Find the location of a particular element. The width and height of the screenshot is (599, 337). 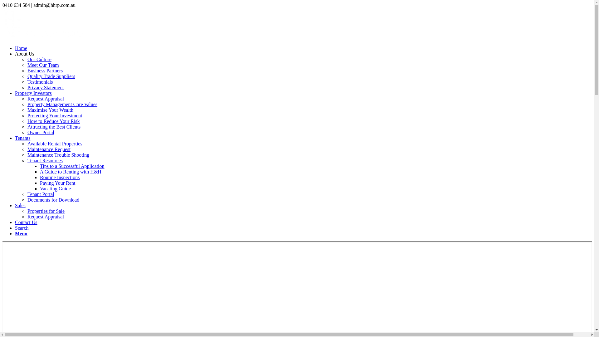

'Meet Our Team' is located at coordinates (43, 65).